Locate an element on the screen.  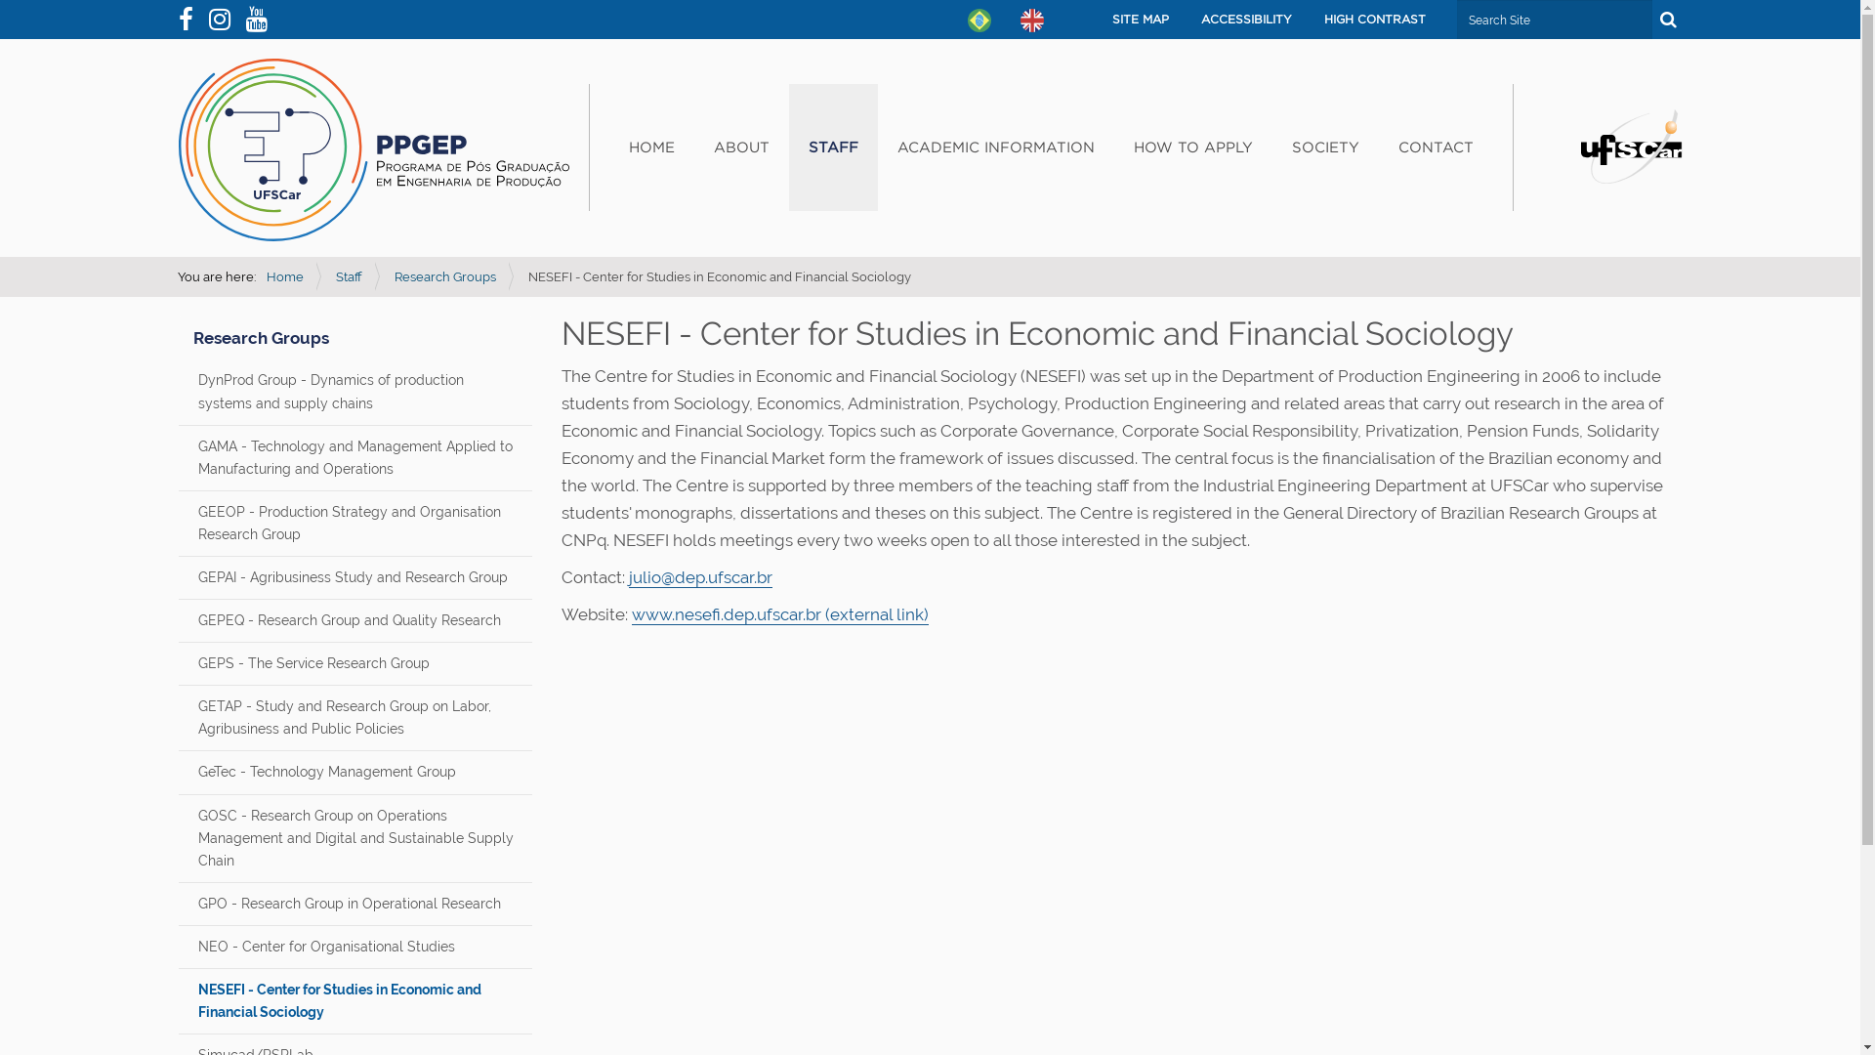
'GEPEQ - Research Group and Quality Research' is located at coordinates (354, 620).